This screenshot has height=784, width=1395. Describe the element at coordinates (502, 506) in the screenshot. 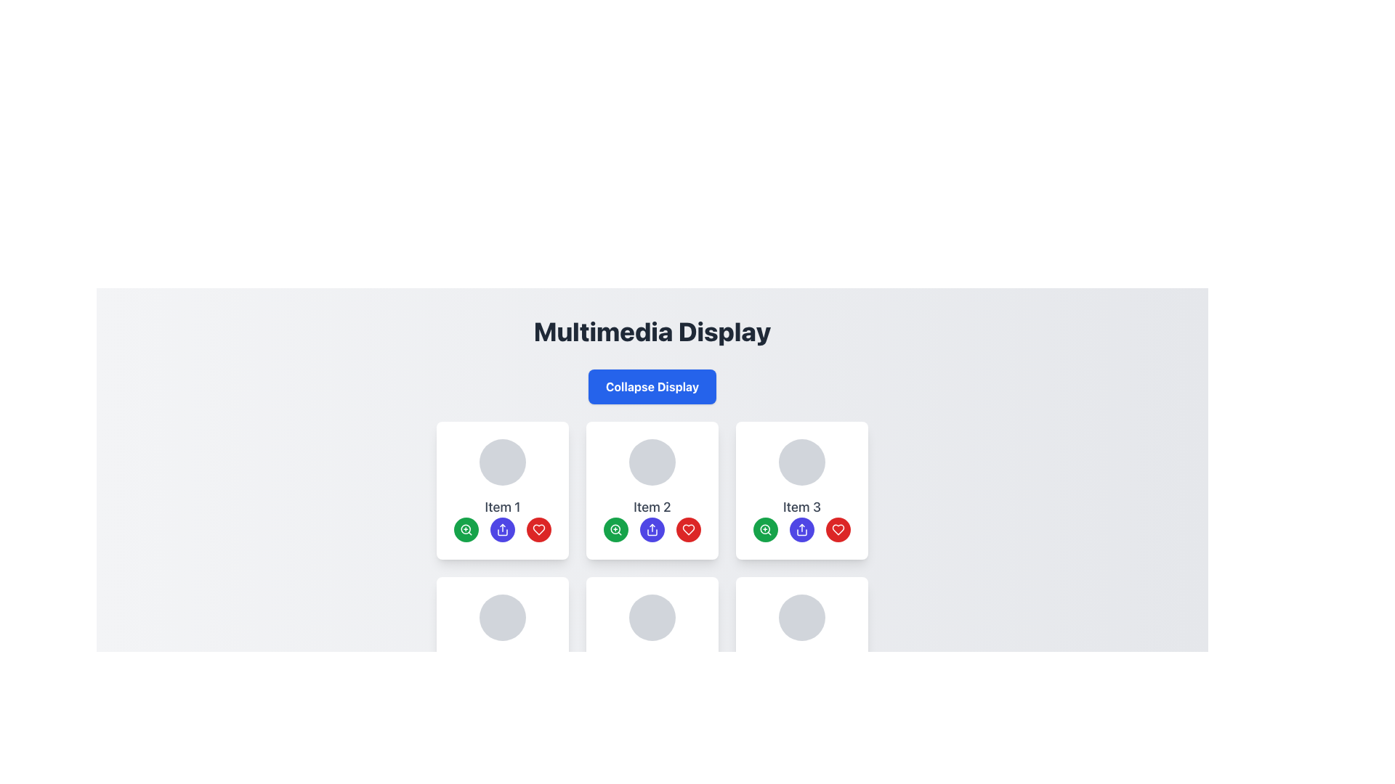

I see `the static label reading 'Item 1', which is centered in the first card of the grid, positioned below a circular icon and above three action buttons` at that location.